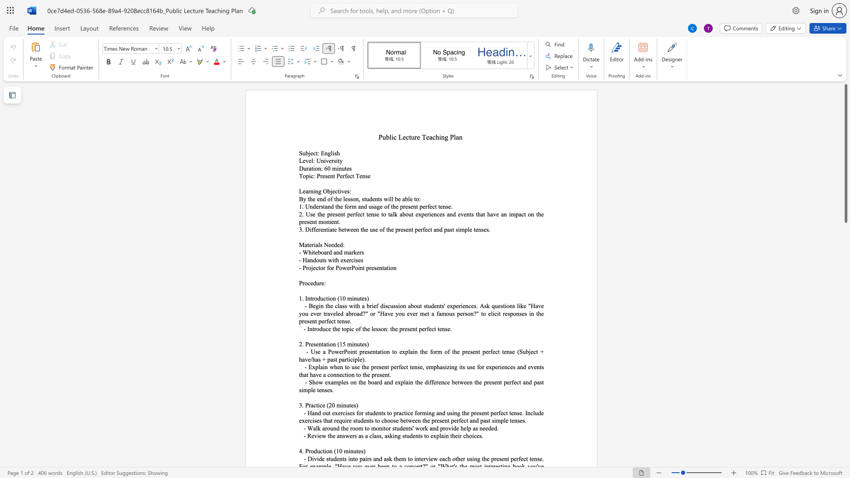 The image size is (850, 478). What do you see at coordinates (351, 259) in the screenshot?
I see `the space between the continuous character "r" and "c" in the text` at bounding box center [351, 259].